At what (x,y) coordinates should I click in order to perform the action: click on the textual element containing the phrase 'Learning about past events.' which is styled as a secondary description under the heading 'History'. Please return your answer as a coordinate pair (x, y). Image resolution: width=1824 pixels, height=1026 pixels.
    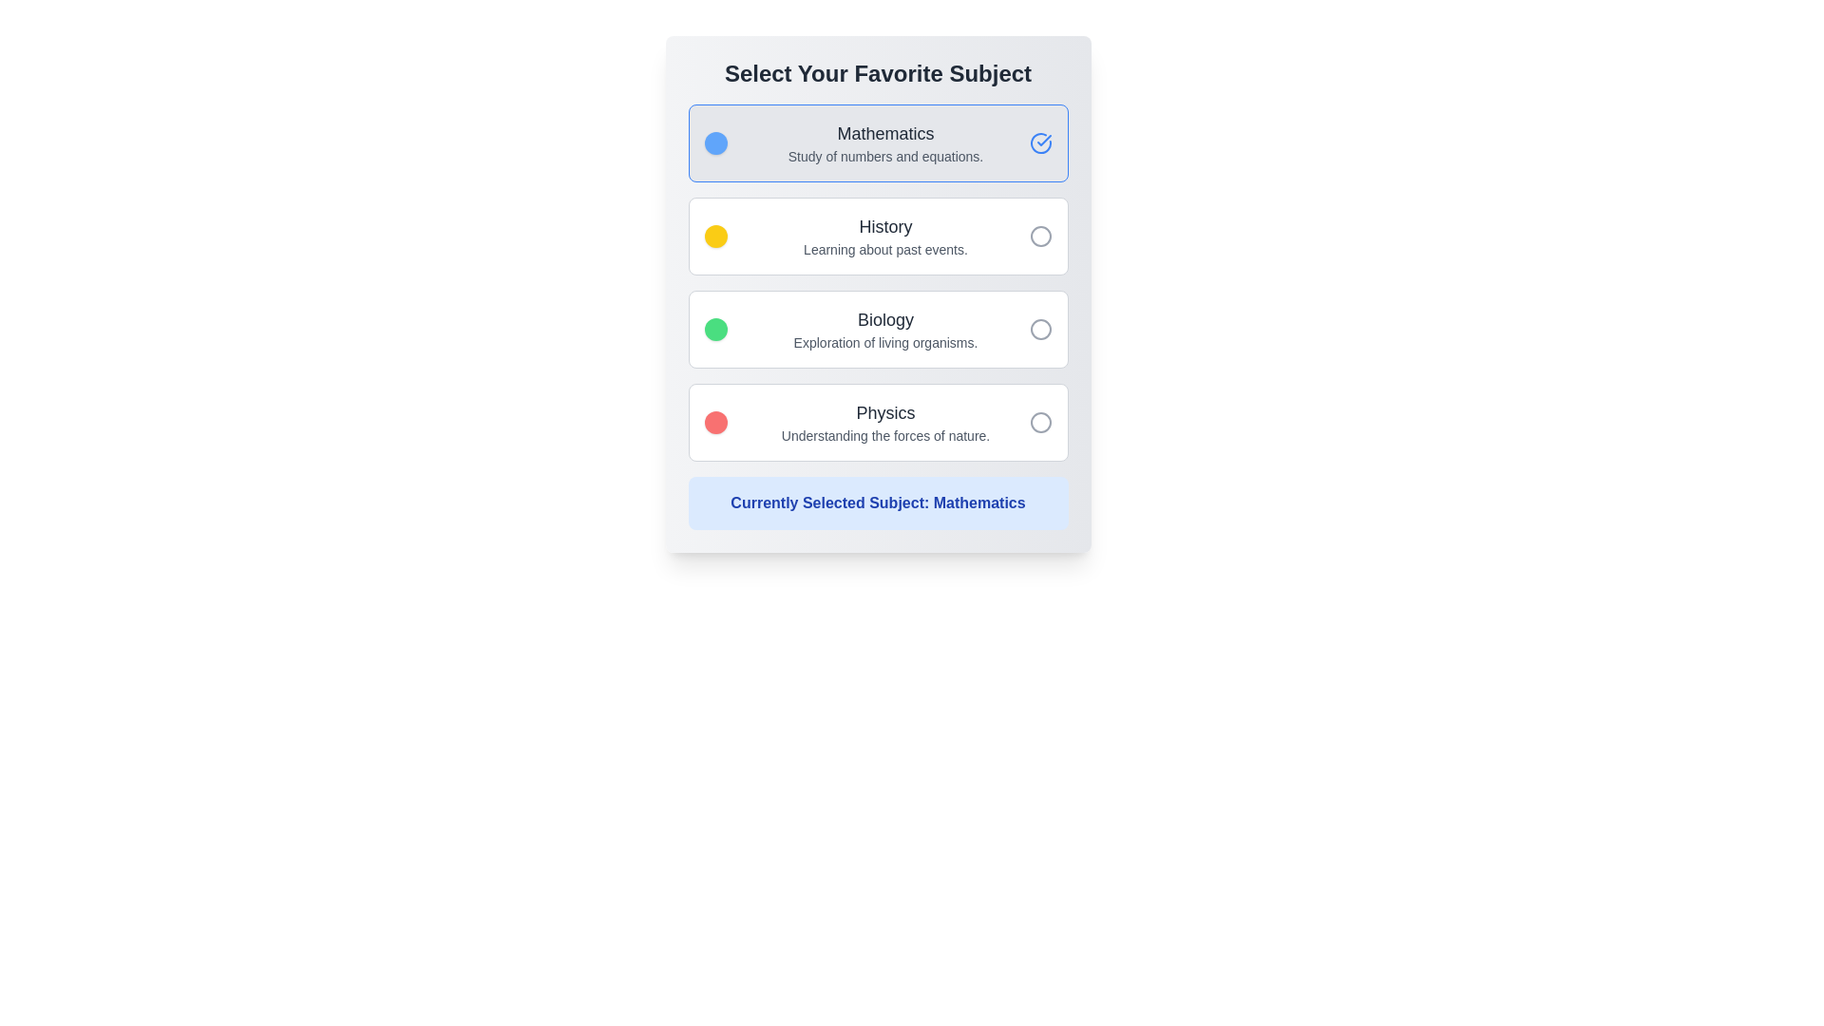
    Looking at the image, I should click on (884, 248).